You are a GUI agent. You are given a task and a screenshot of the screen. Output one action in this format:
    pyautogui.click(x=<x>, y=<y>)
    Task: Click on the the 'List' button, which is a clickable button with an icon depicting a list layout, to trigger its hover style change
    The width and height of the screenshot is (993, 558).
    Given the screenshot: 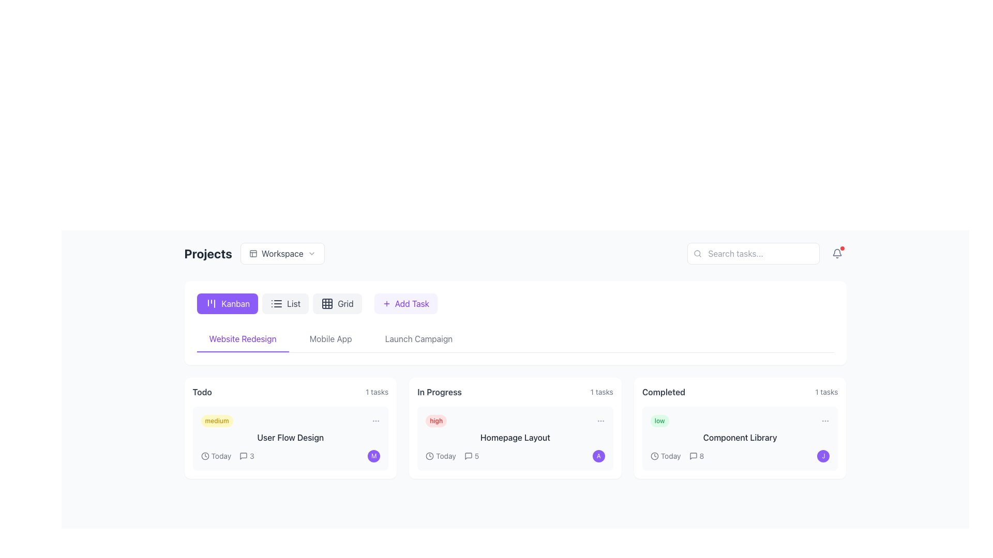 What is the action you would take?
    pyautogui.click(x=279, y=303)
    